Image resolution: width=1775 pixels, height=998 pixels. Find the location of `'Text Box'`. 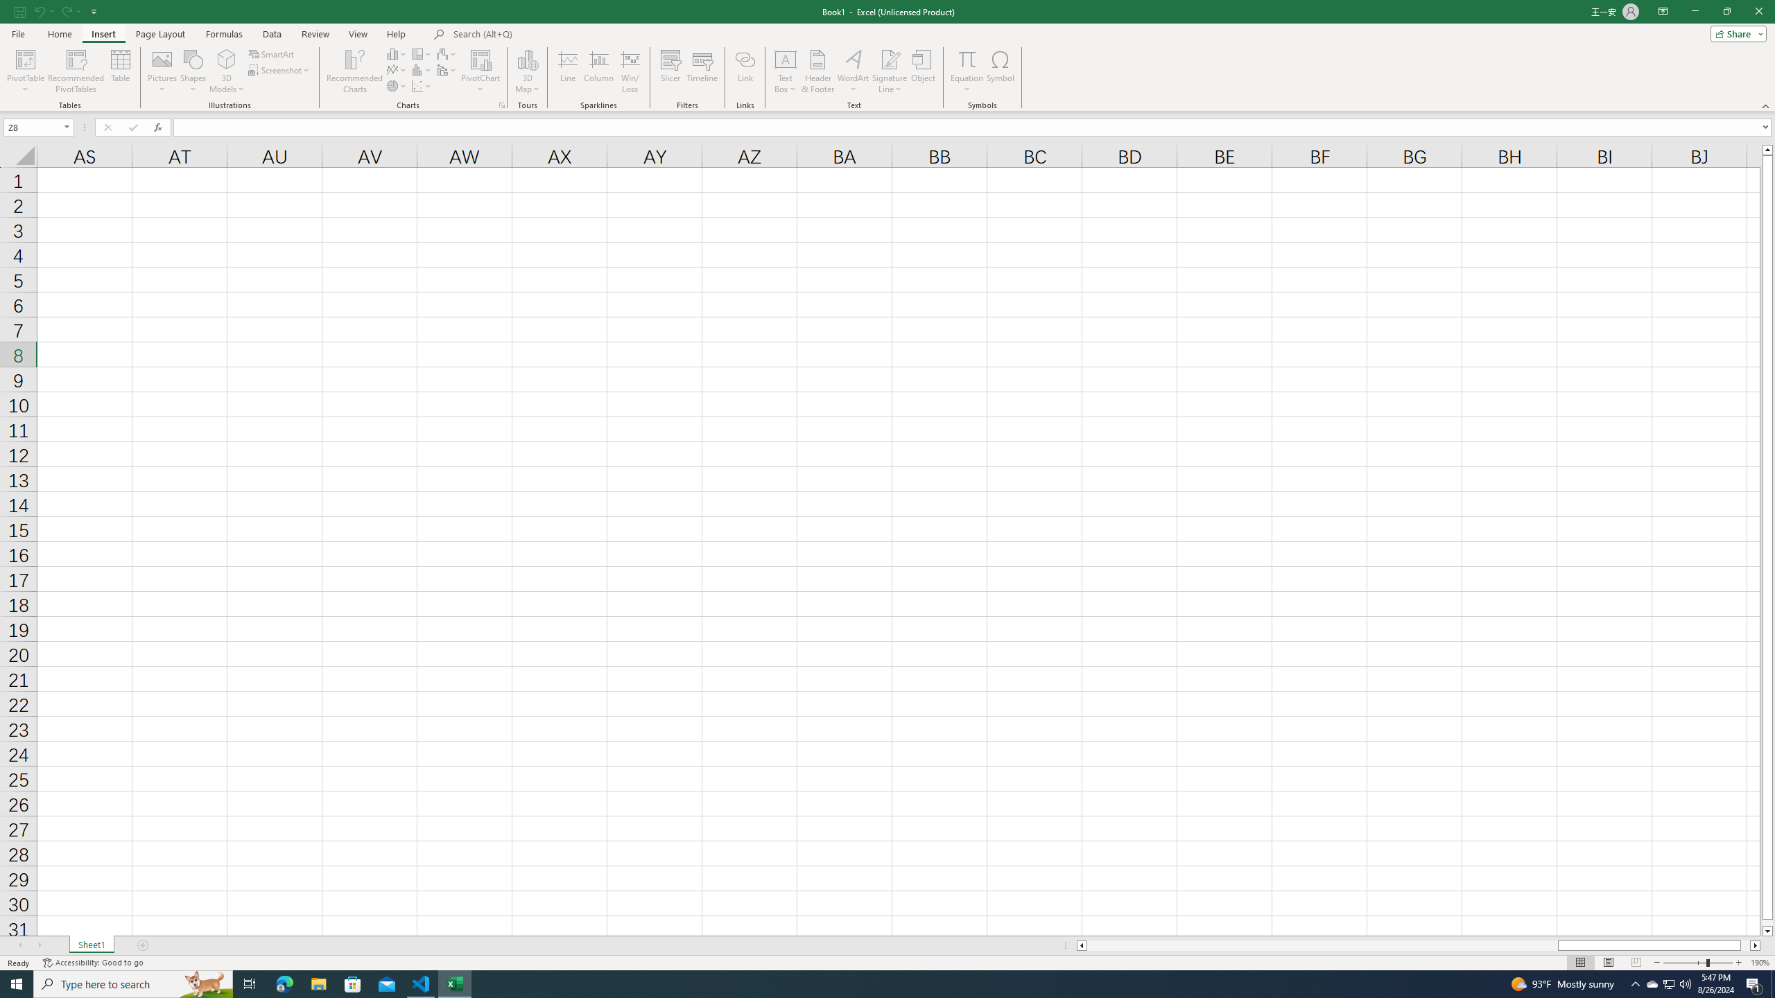

'Text Box' is located at coordinates (785, 71).